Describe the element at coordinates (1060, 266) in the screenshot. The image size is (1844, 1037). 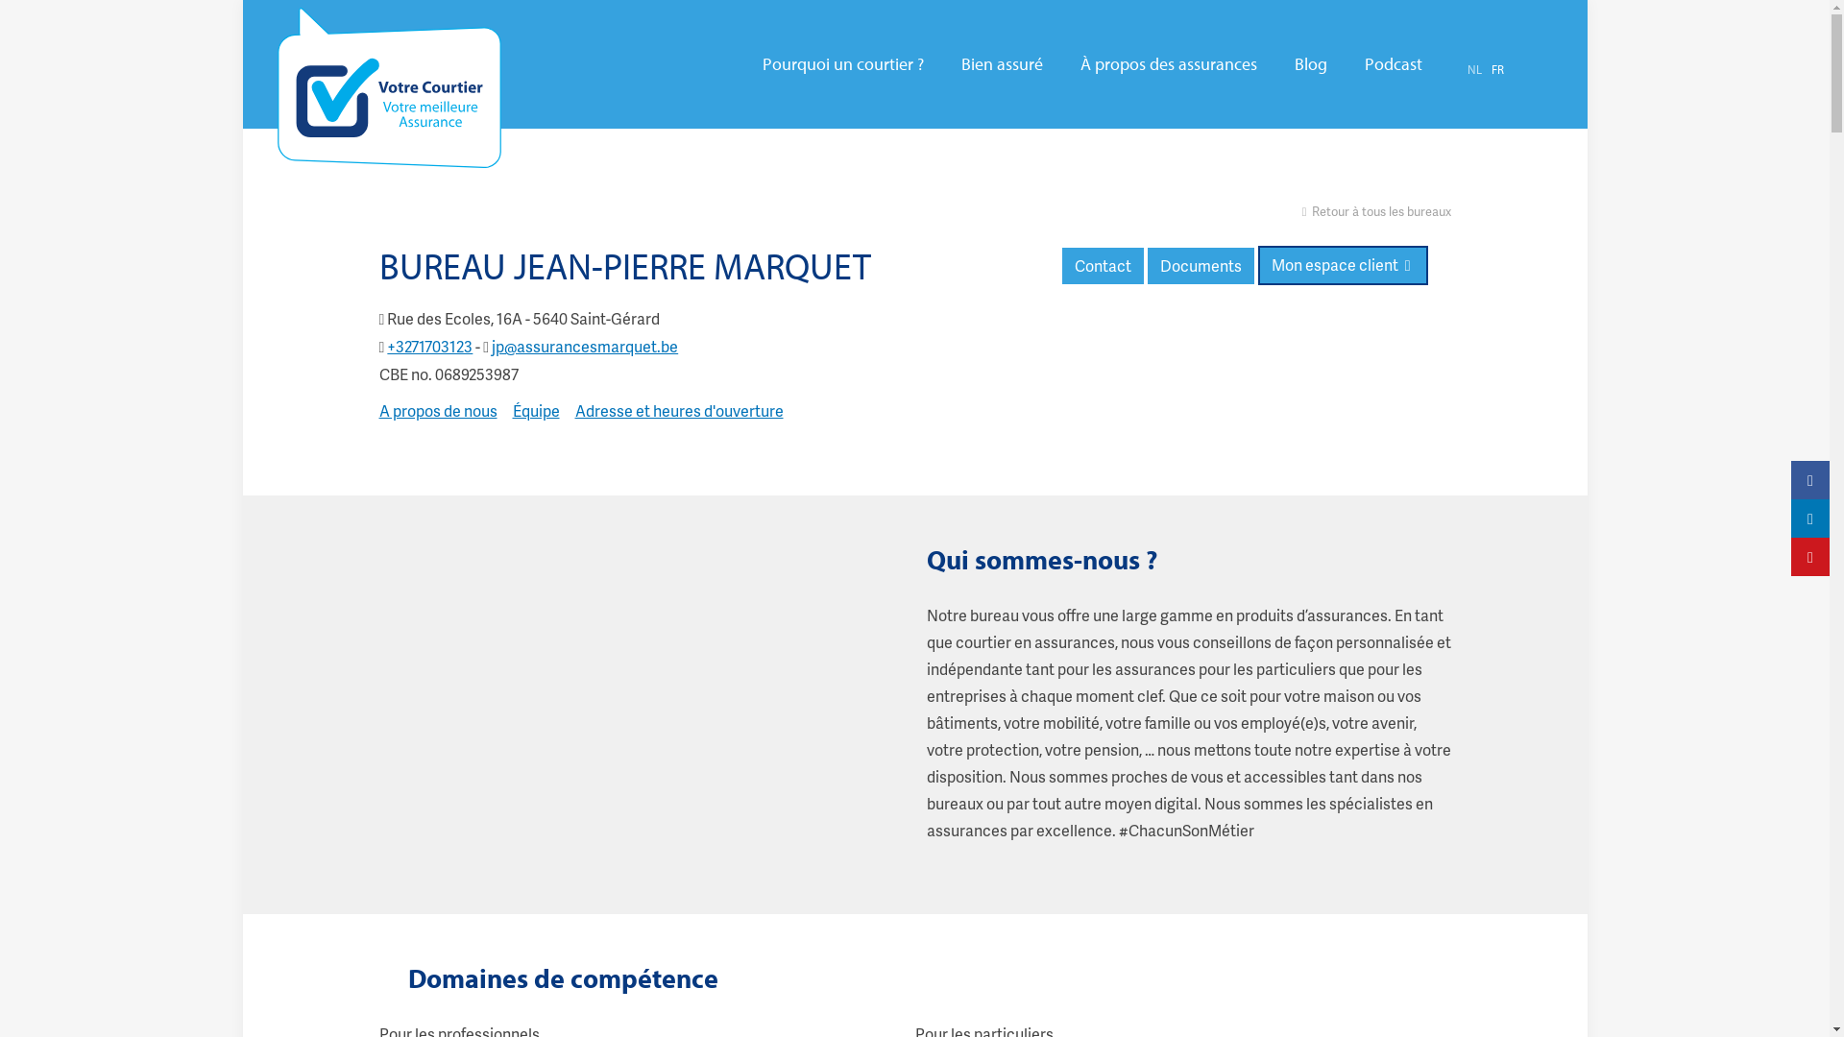
I see `'Contact'` at that location.